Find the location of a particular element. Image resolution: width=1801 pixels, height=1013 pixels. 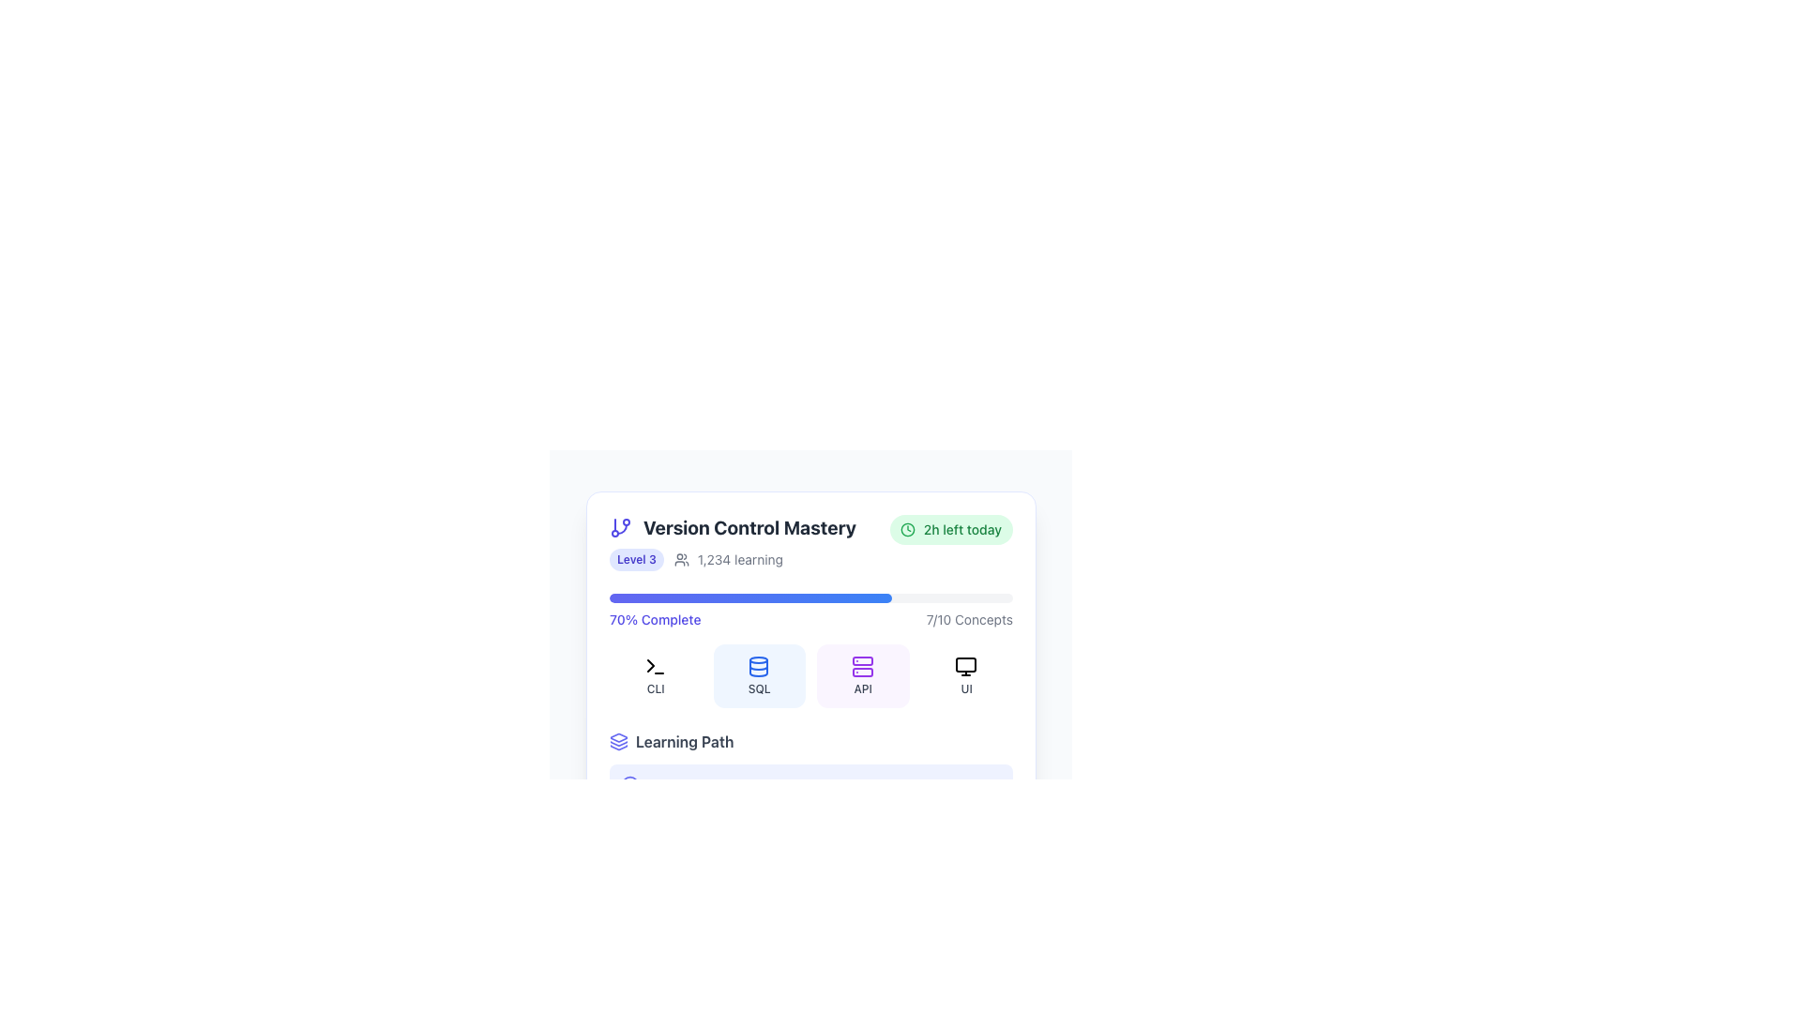

the text label displaying '2h left today' which is part of a green pill-shaped background in the top-right section of the content card is located at coordinates (961, 529).